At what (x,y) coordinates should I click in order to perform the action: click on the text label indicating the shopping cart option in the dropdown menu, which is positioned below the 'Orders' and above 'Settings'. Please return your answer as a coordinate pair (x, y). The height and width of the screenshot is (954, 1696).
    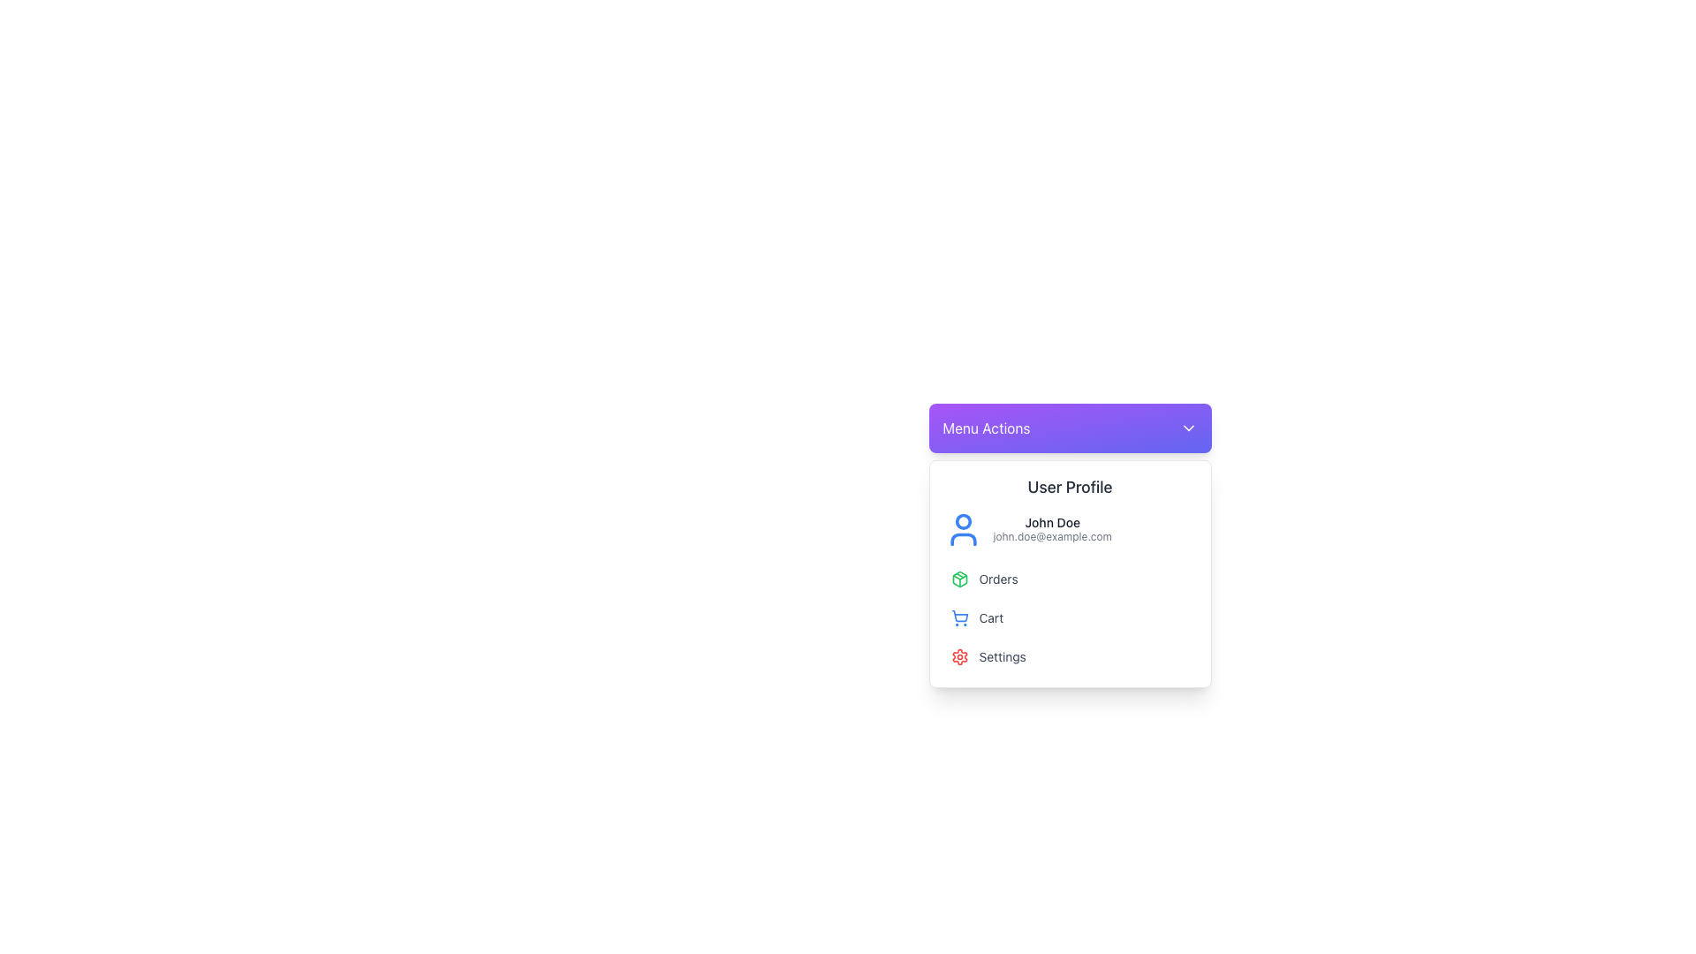
    Looking at the image, I should click on (991, 617).